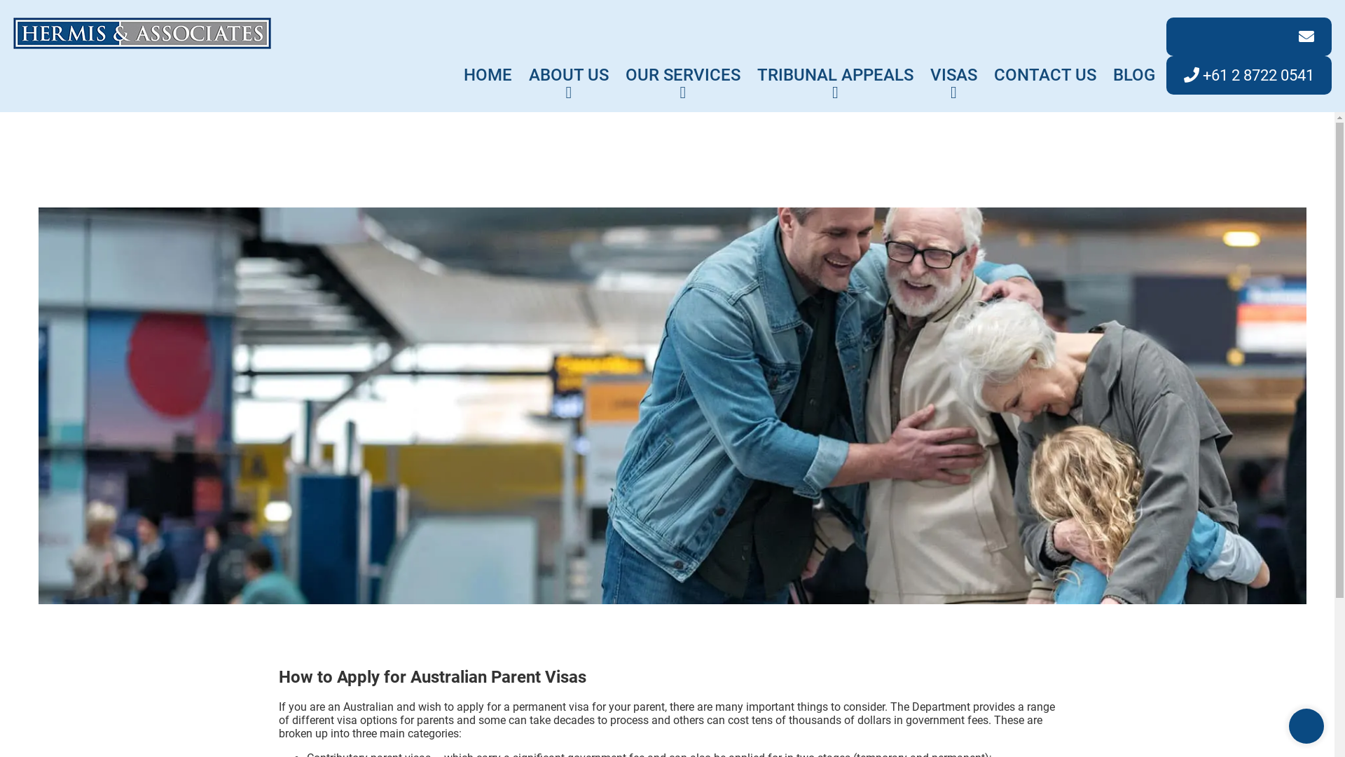  Describe the element at coordinates (568, 67) in the screenshot. I see `'ABOUT US'` at that location.